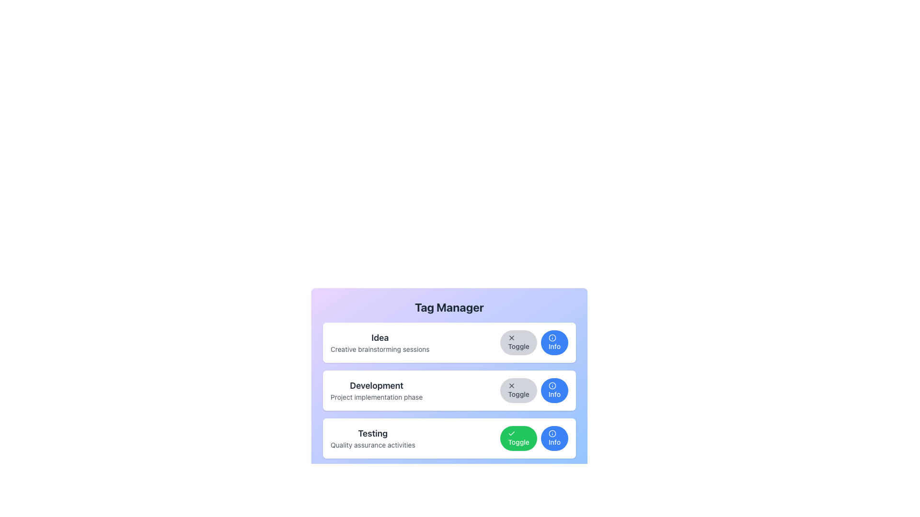 This screenshot has width=920, height=517. I want to click on the descriptive text element located under the 'Testing' title, which provides additional information about the 'Testing' label, so click(372, 445).